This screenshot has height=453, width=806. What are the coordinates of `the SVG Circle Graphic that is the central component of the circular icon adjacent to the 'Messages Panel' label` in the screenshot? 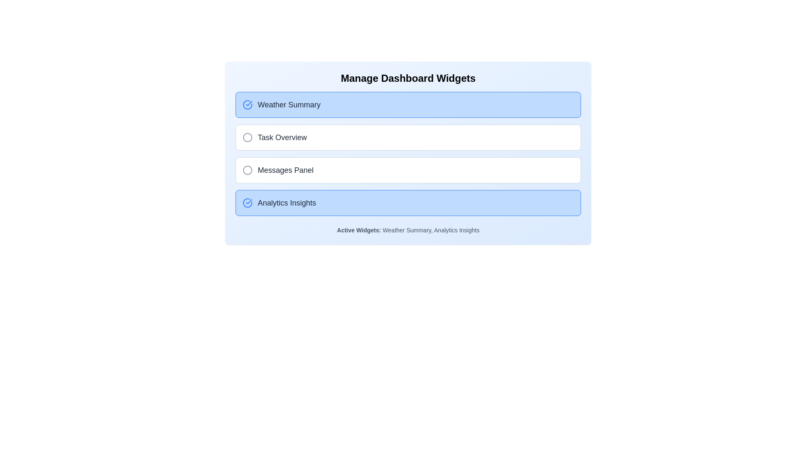 It's located at (247, 170).